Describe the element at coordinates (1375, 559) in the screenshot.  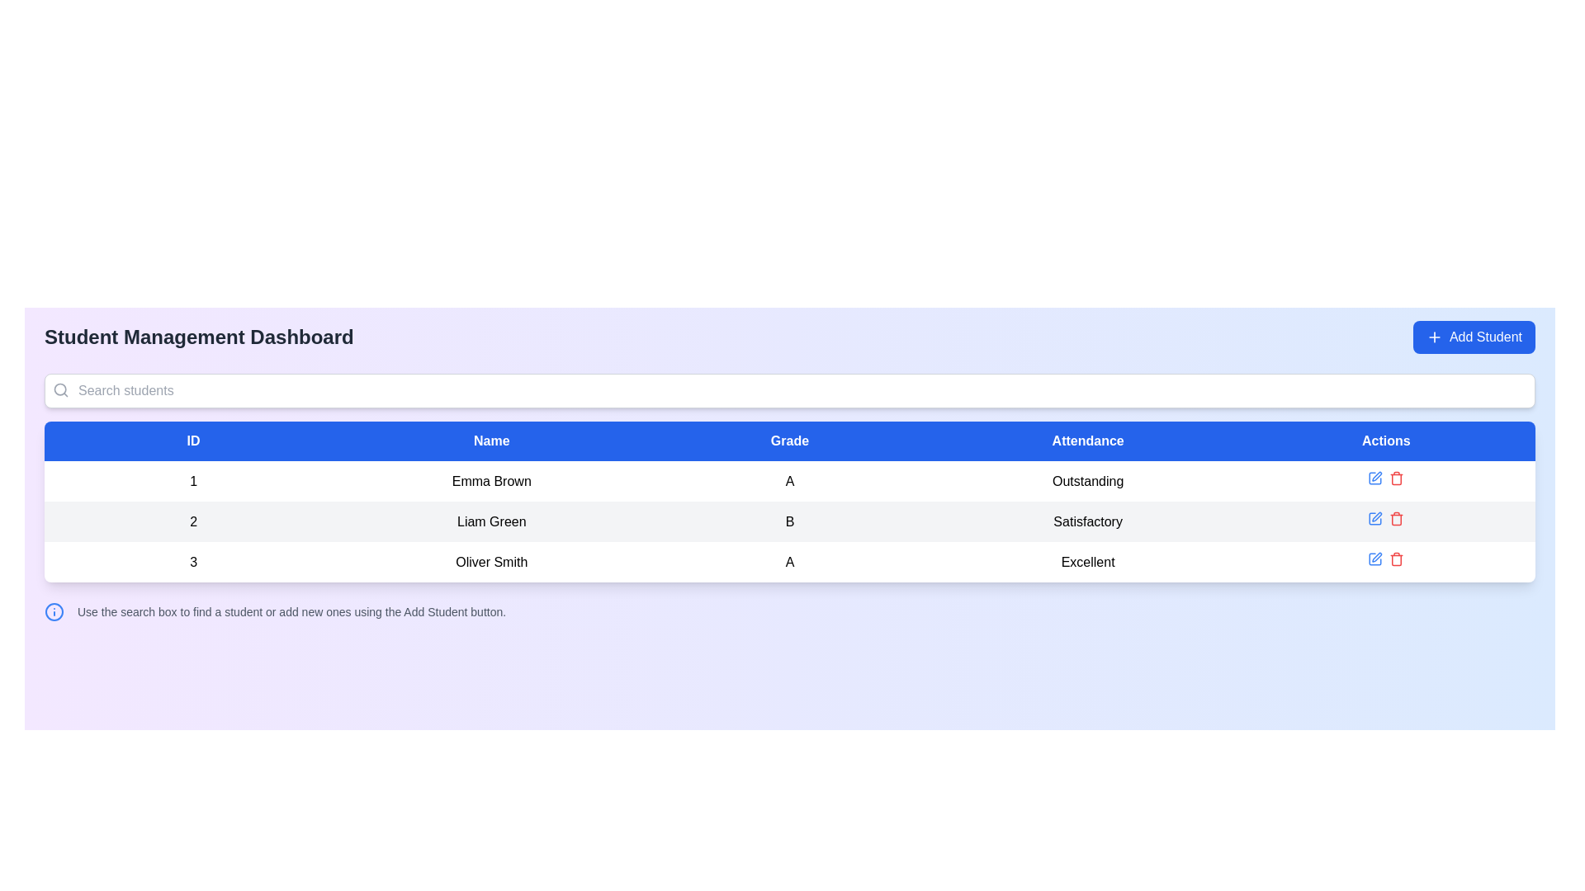
I see `the blue pen icon in the Actions column of the last row representing the student 'Oliver Smith'` at that location.